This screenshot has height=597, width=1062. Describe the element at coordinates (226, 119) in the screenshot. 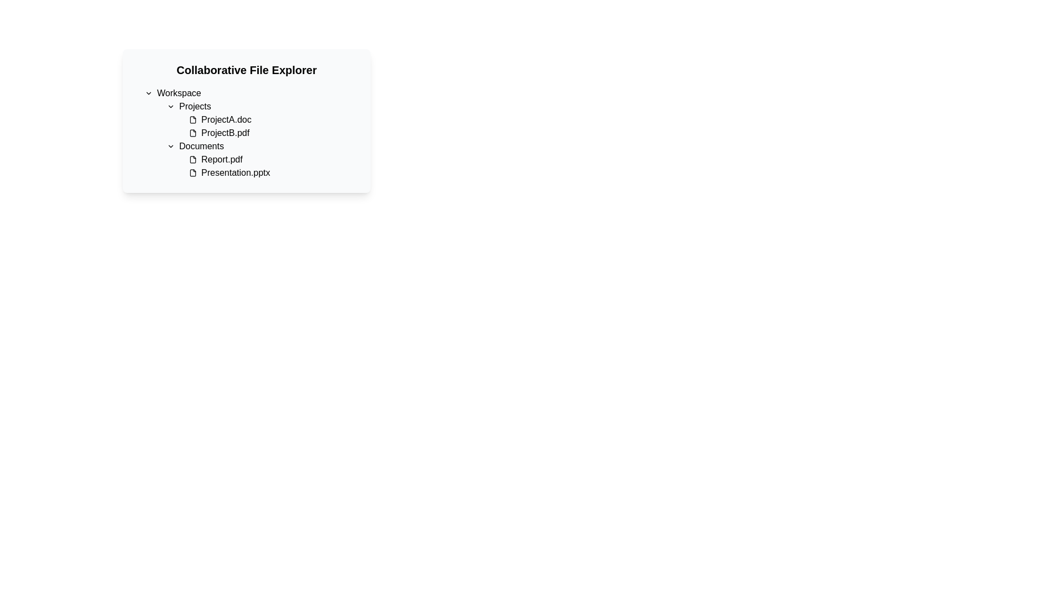

I see `the 'ProjectA.doc' text label located` at that location.